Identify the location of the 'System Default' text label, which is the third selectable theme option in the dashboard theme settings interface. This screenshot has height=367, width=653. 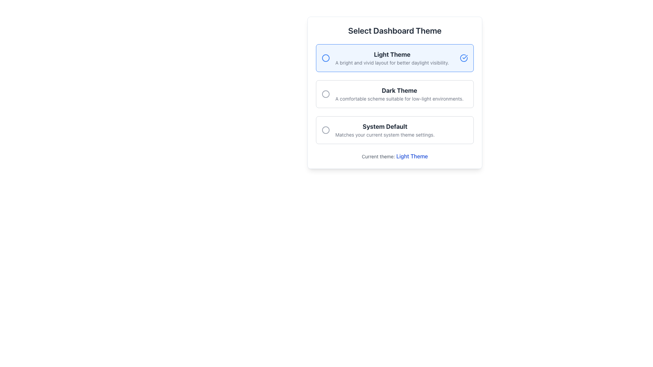
(385, 127).